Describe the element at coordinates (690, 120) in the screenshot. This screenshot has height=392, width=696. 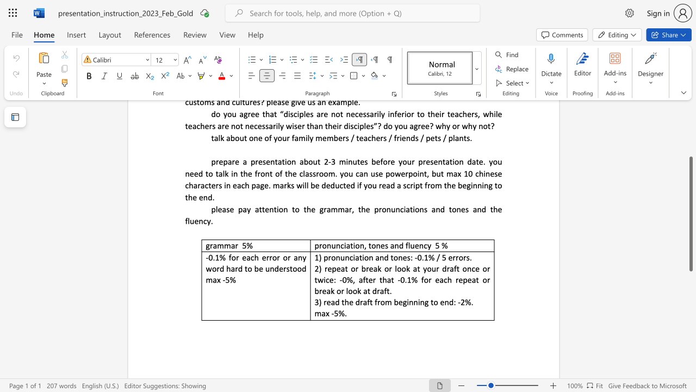
I see `the scrollbar on the right side to scroll the page up` at that location.